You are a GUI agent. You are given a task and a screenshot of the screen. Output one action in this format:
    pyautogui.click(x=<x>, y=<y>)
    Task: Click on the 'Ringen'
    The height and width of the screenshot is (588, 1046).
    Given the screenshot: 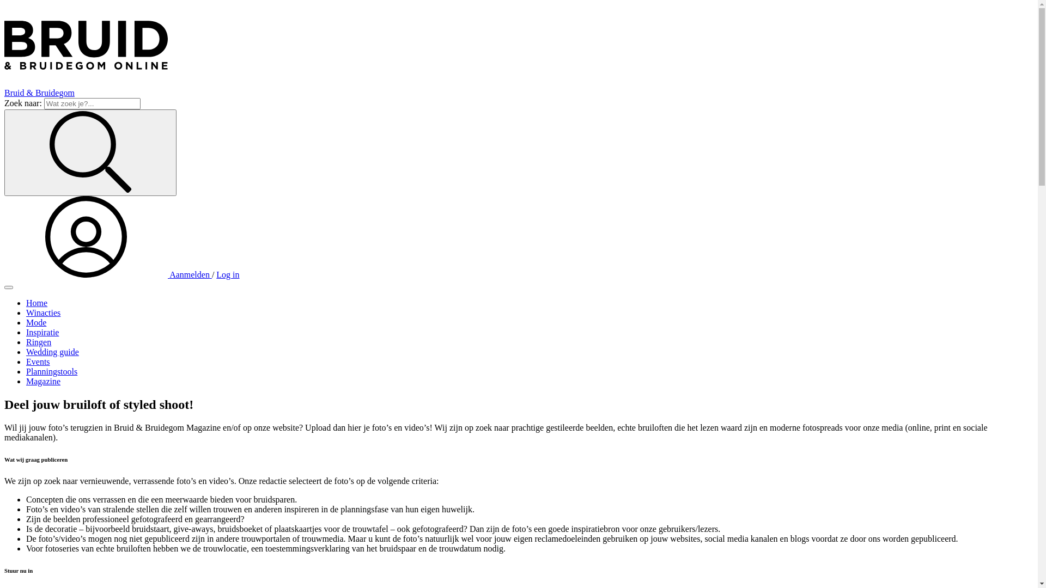 What is the action you would take?
    pyautogui.click(x=39, y=341)
    